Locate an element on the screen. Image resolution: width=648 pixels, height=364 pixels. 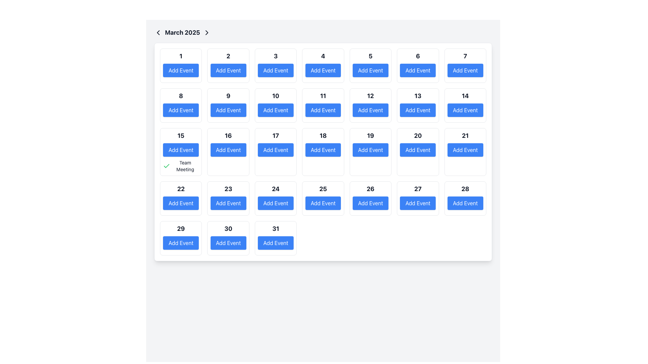
the calendar day cell for the 25th of the month is located at coordinates (323, 198).